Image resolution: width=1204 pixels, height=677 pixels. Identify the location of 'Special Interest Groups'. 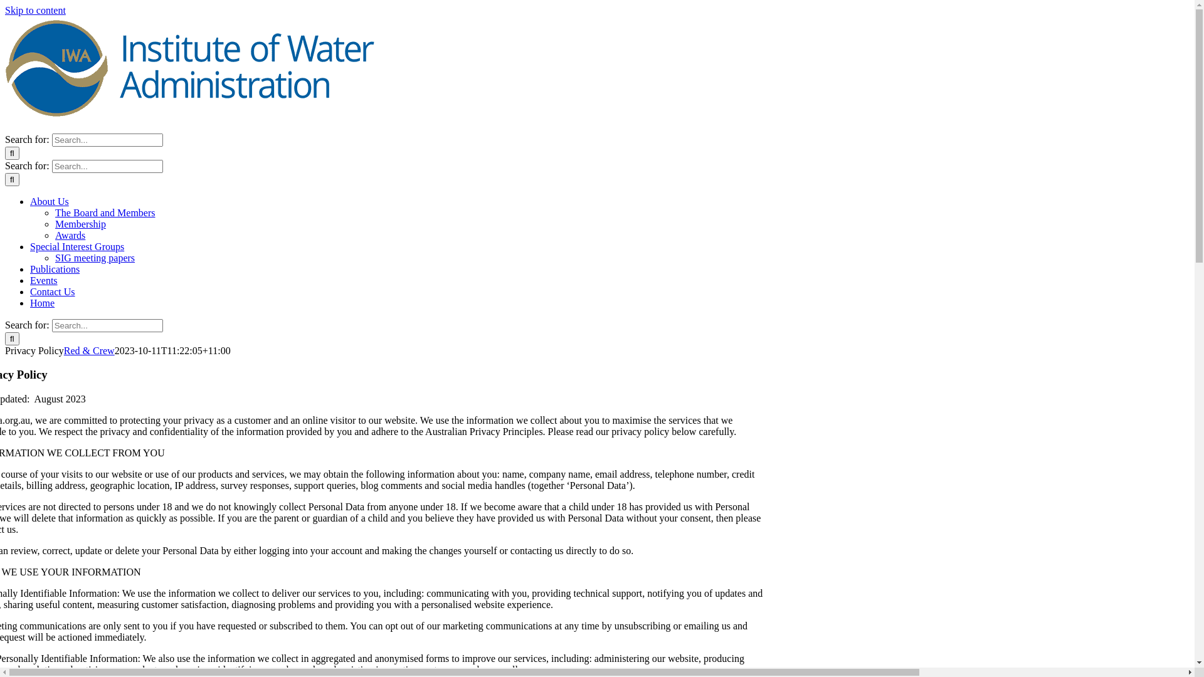
(77, 246).